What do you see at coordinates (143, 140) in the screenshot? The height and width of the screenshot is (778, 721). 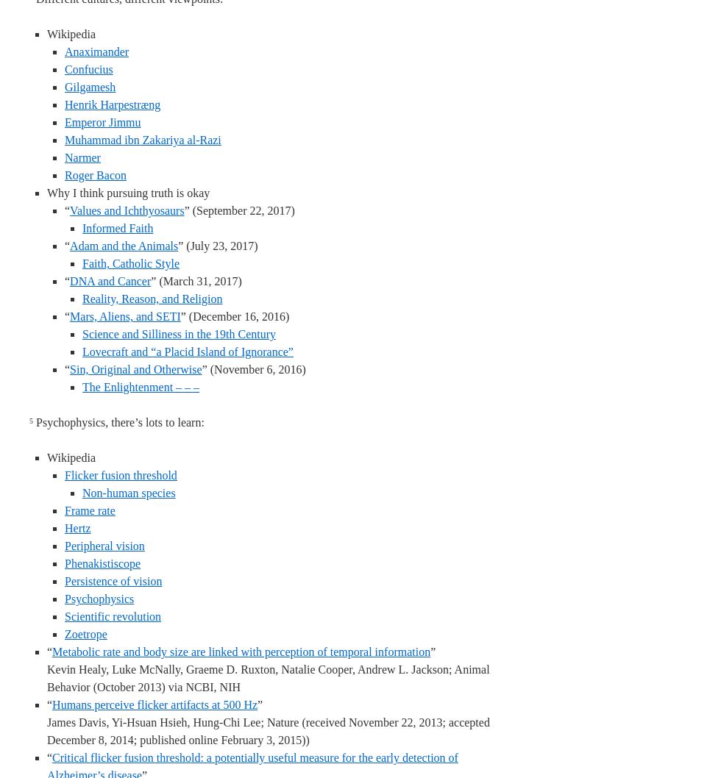 I see `'Muhammad ibn Zakariya al-Razi'` at bounding box center [143, 140].